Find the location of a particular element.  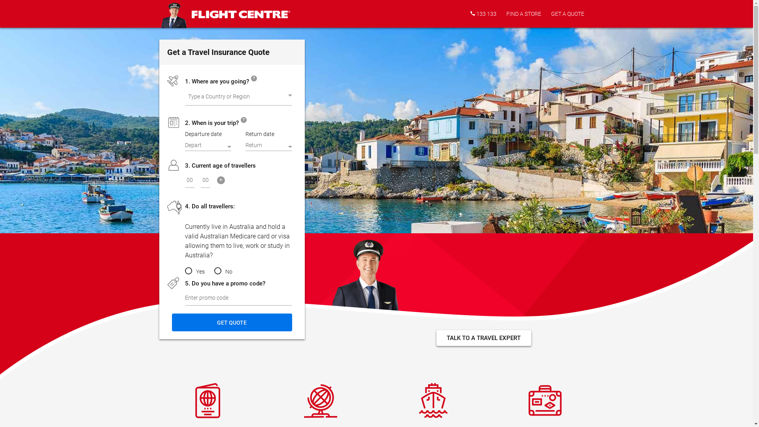

'?' is located at coordinates (254, 79).